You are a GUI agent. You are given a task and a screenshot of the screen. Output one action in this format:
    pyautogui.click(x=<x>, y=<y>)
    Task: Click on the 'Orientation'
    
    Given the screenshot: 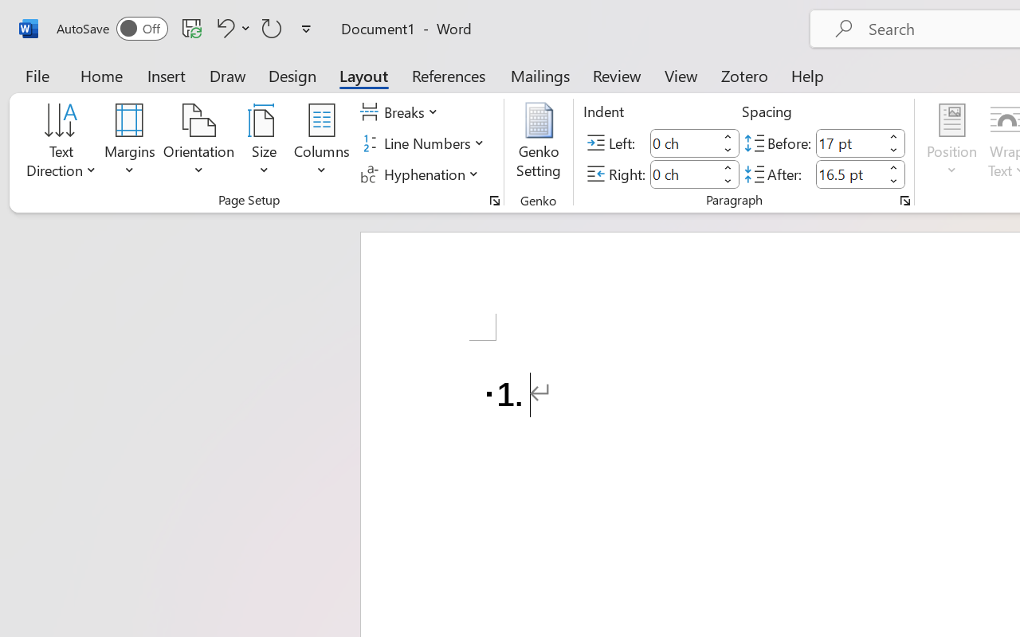 What is the action you would take?
    pyautogui.click(x=198, y=143)
    